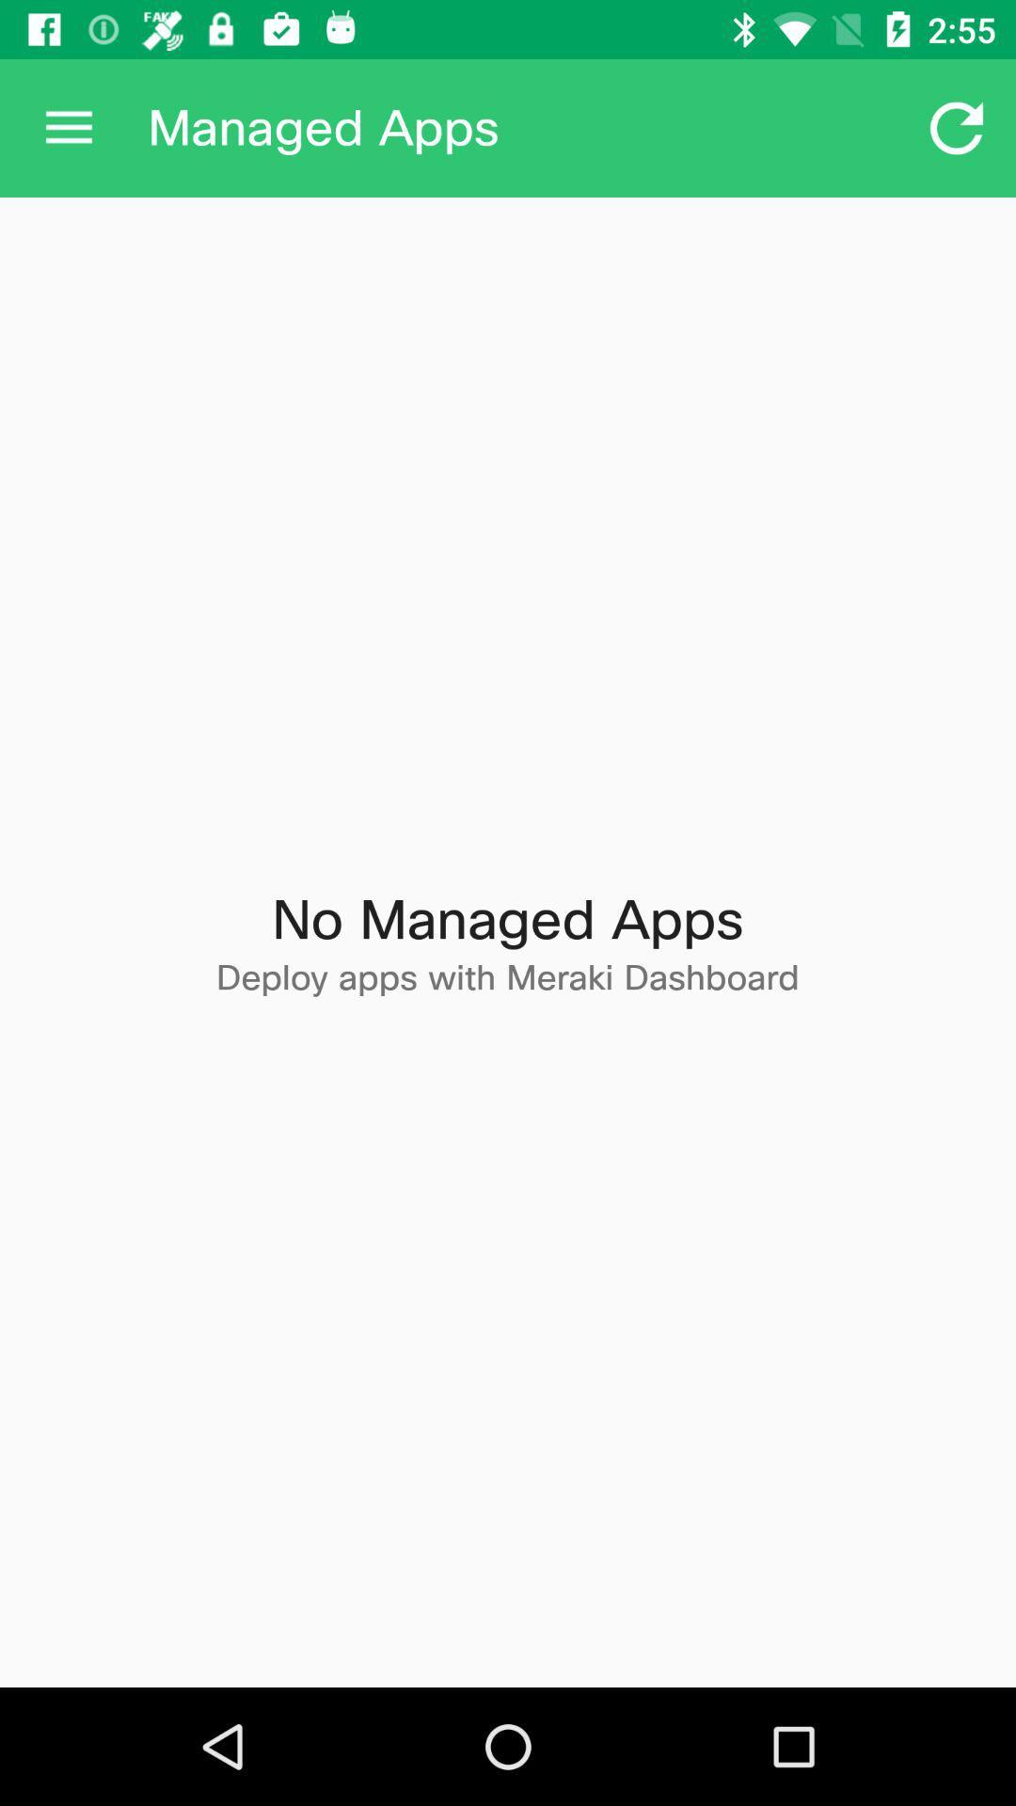  I want to click on app to the right of the managed apps app, so click(957, 127).